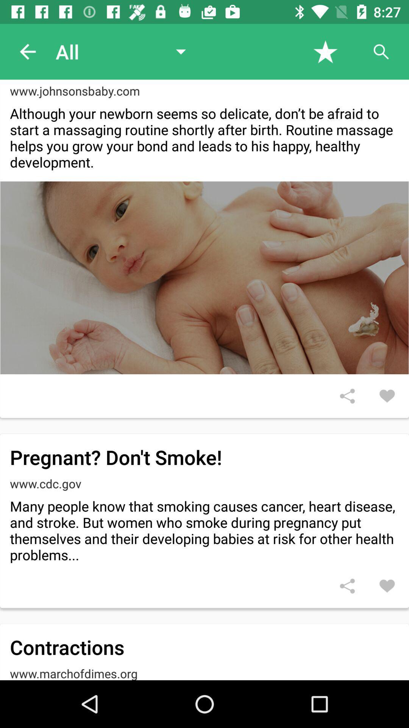 Image resolution: width=409 pixels, height=728 pixels. I want to click on share option, so click(347, 395).